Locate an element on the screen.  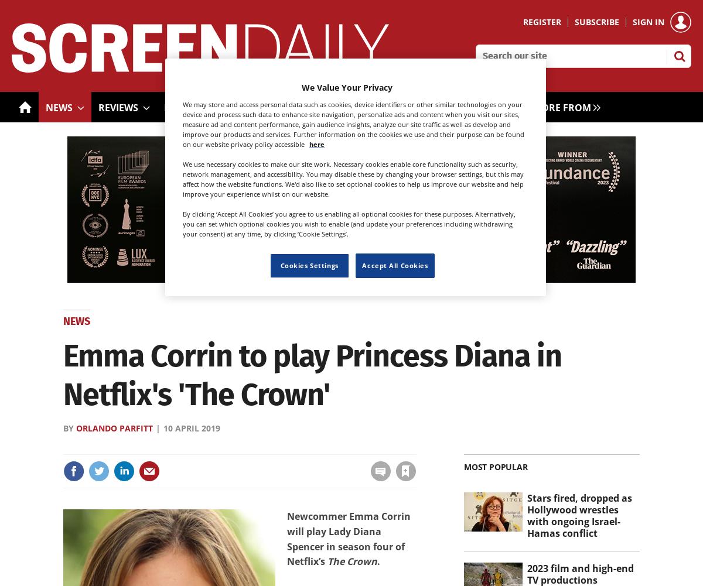
'Emma Corrin to play Princess Diana in Netflix's 'The Crown'' is located at coordinates (312, 375).